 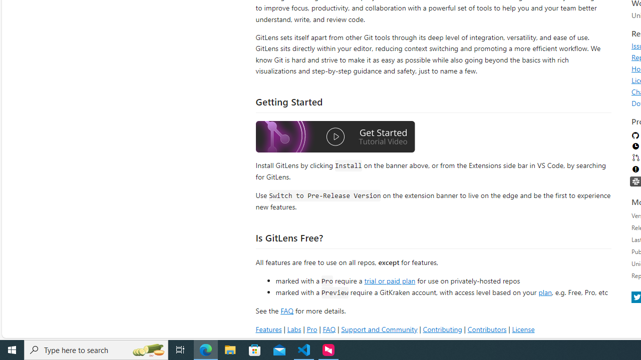 I want to click on 'Features', so click(x=268, y=329).